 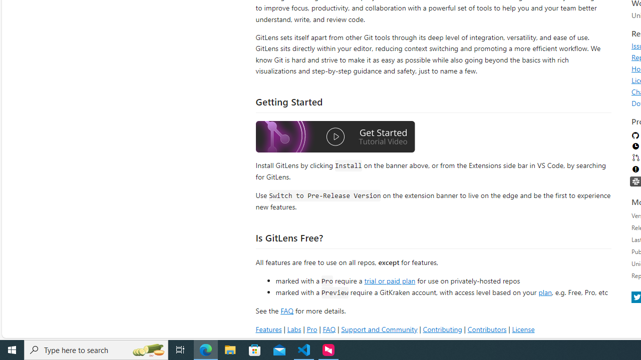 I want to click on 'Features', so click(x=268, y=329).